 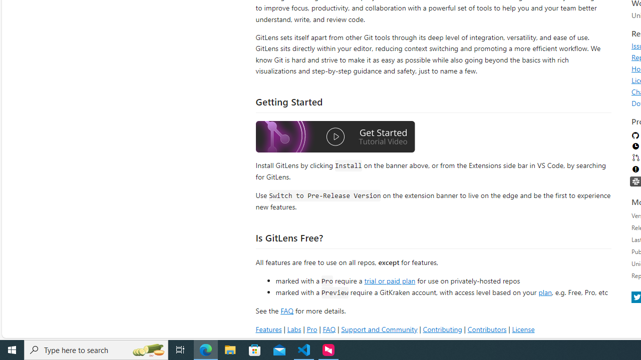 I want to click on 'Features', so click(x=268, y=329).